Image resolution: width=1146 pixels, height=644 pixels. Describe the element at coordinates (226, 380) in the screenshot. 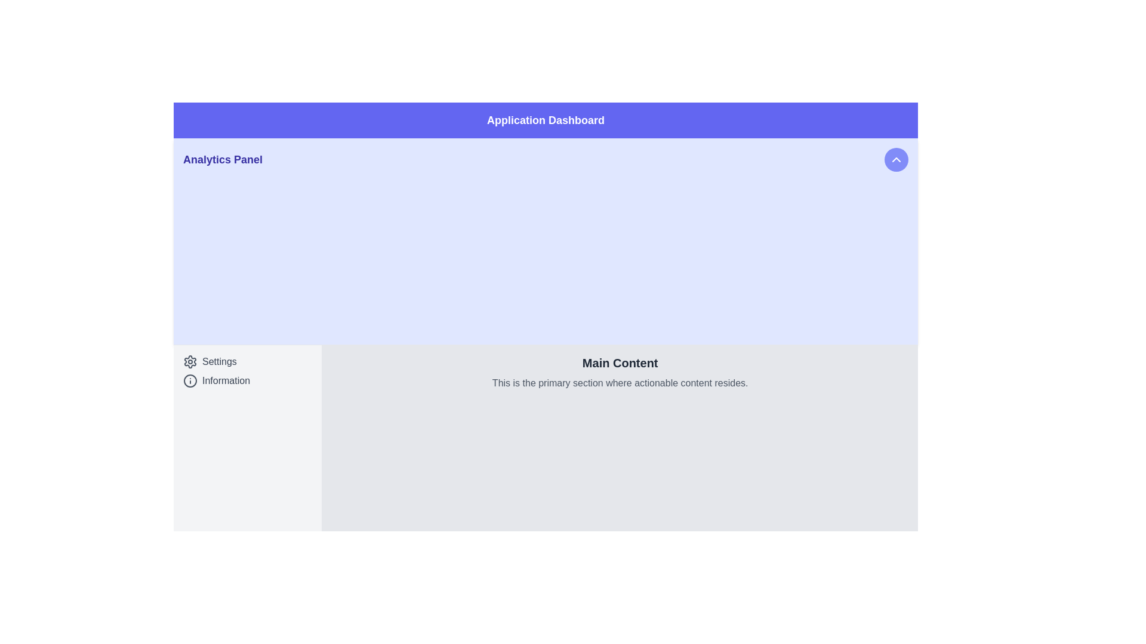

I see `the static text label located in the bottom-left section of the page, positioned to the right of the information icon` at that location.